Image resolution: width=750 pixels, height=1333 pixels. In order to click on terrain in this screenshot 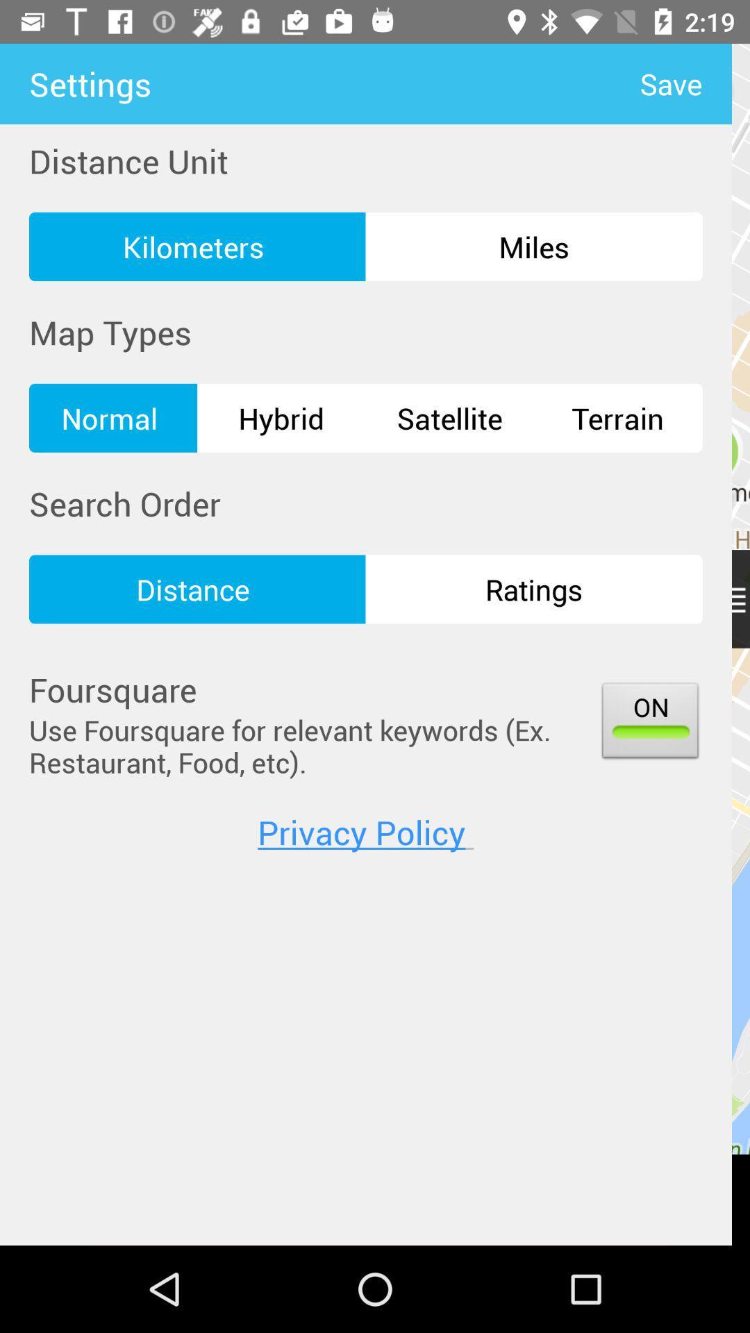, I will do `click(617, 417)`.